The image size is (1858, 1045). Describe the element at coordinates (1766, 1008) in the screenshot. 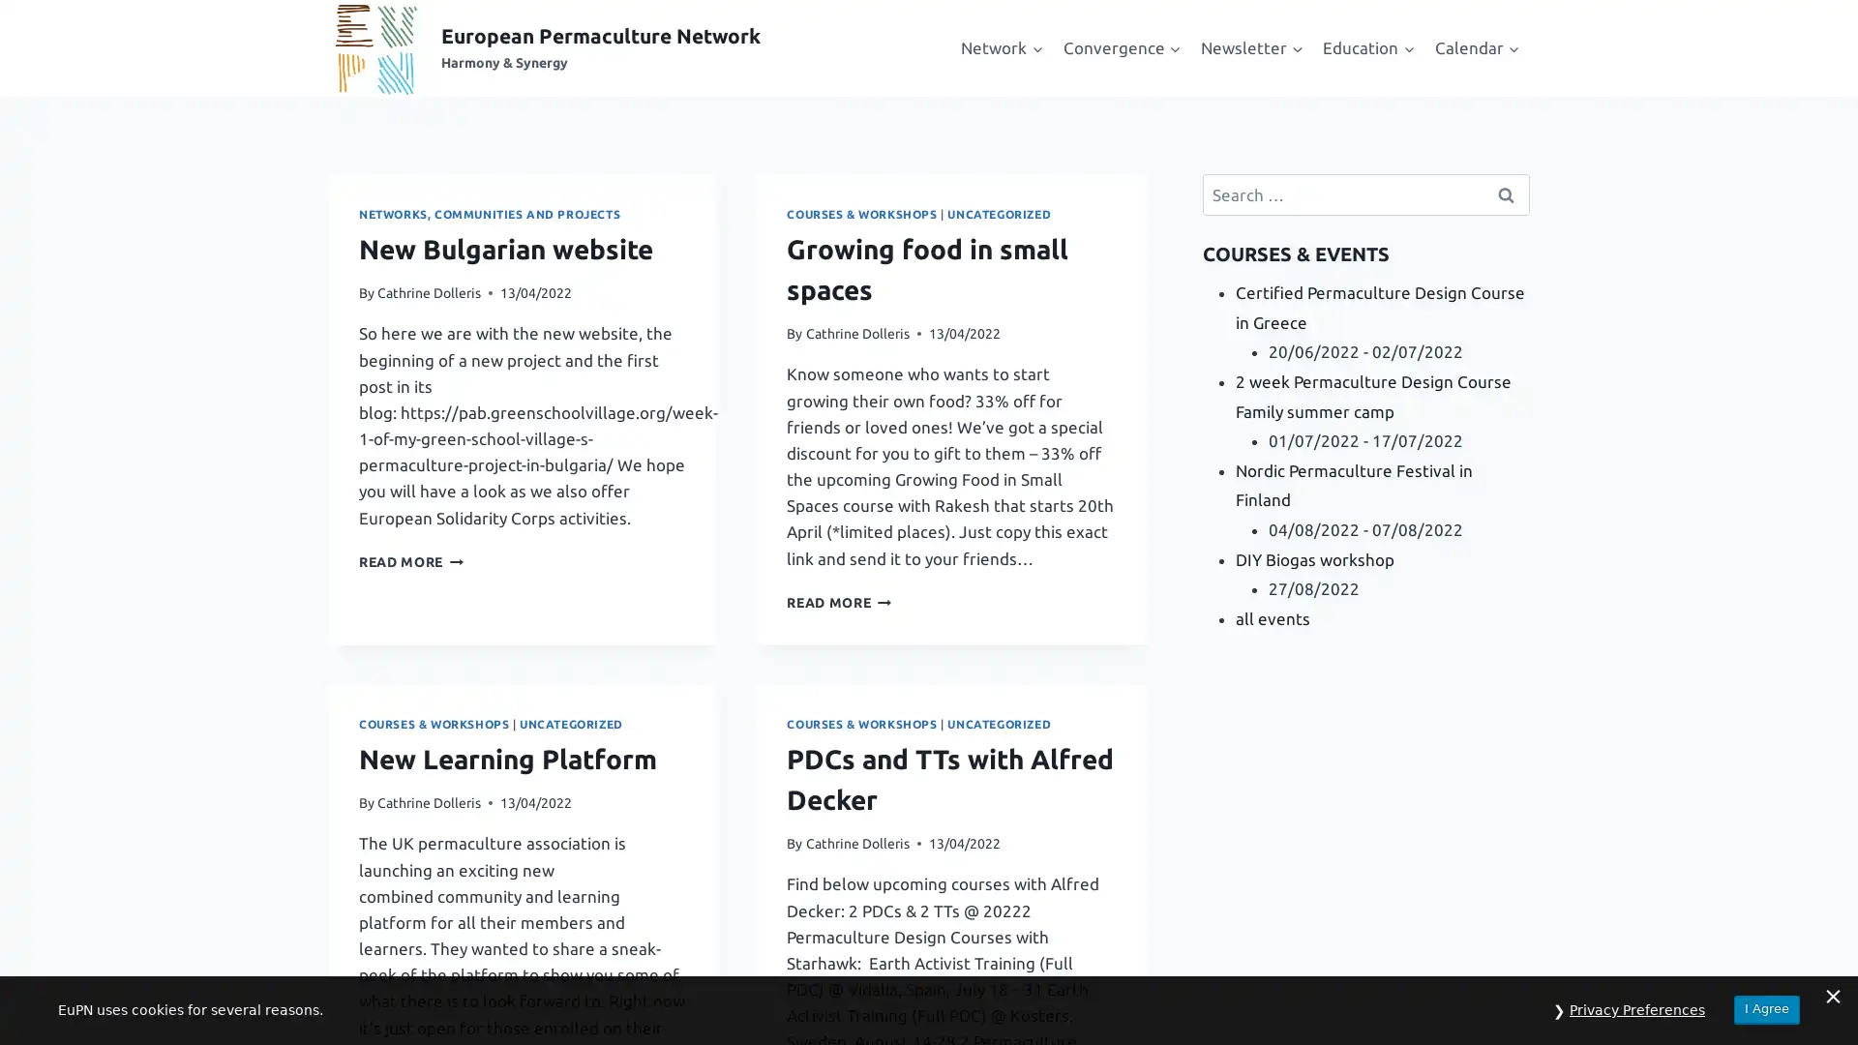

I see `I Agree` at that location.